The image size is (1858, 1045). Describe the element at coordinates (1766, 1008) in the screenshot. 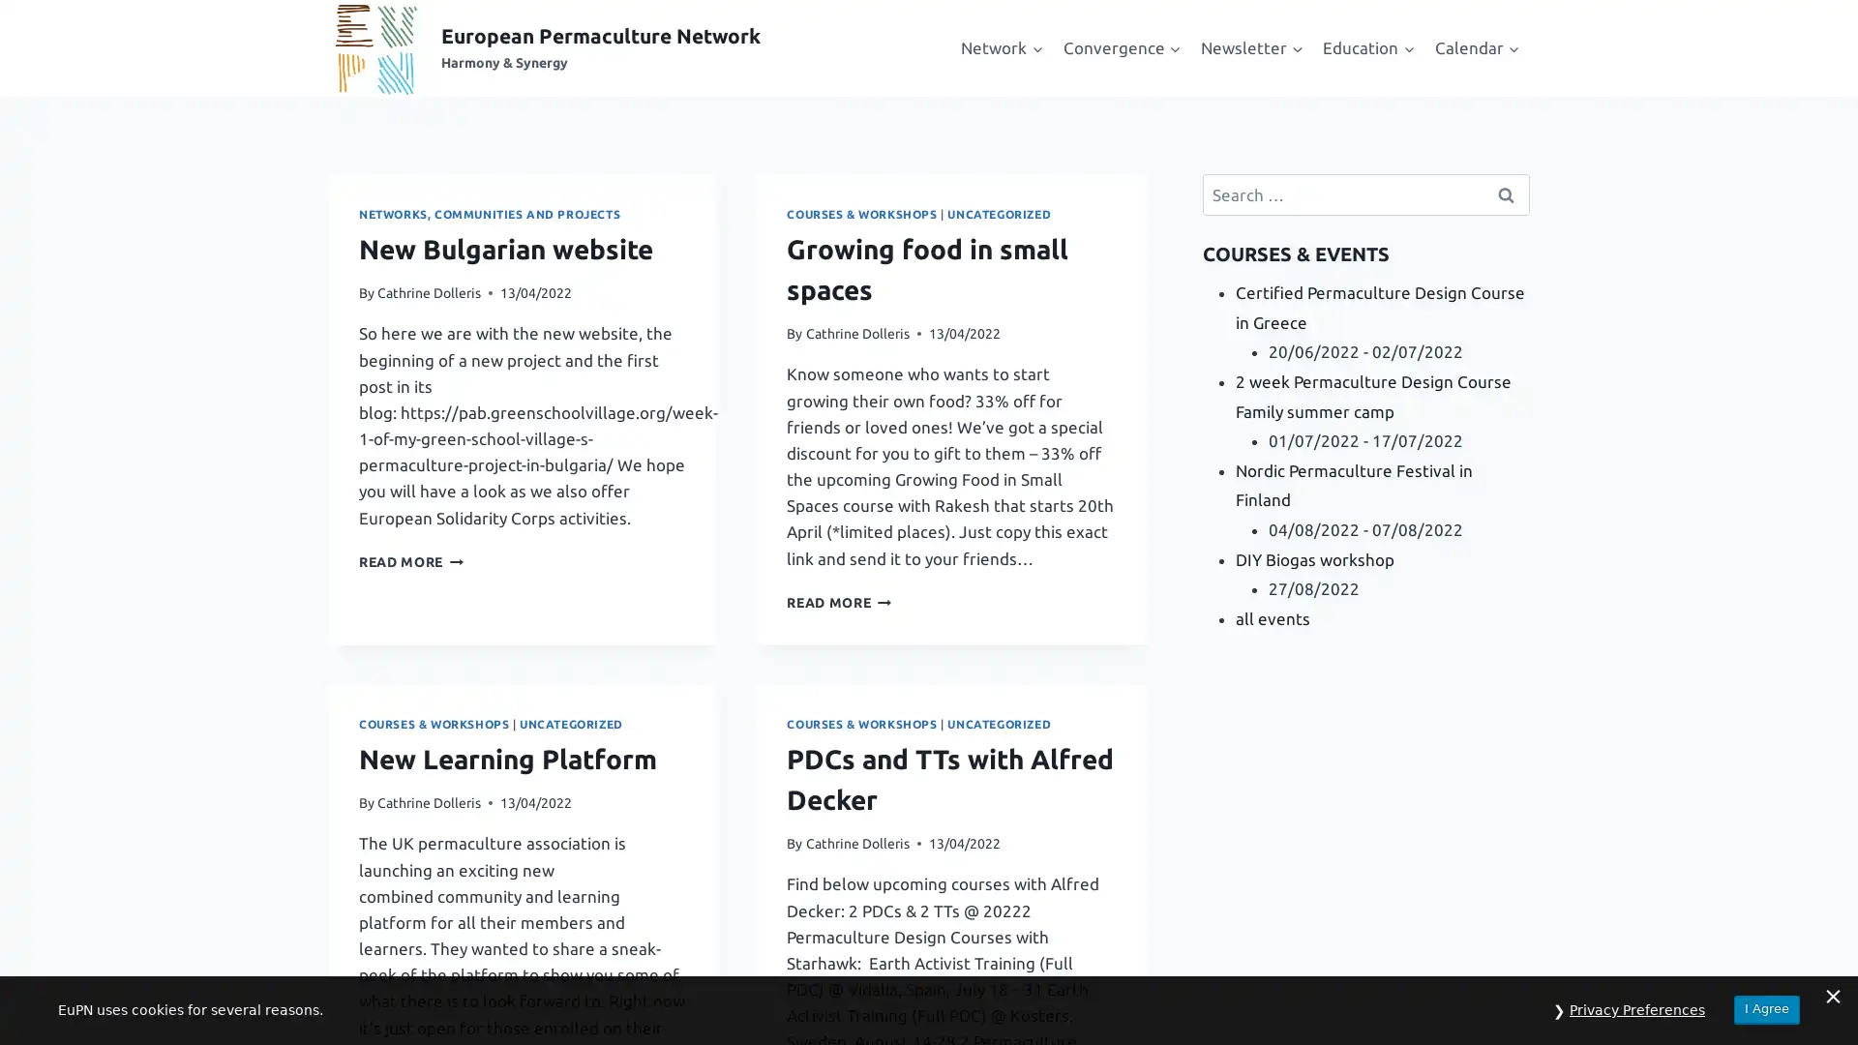

I see `I Agree` at that location.